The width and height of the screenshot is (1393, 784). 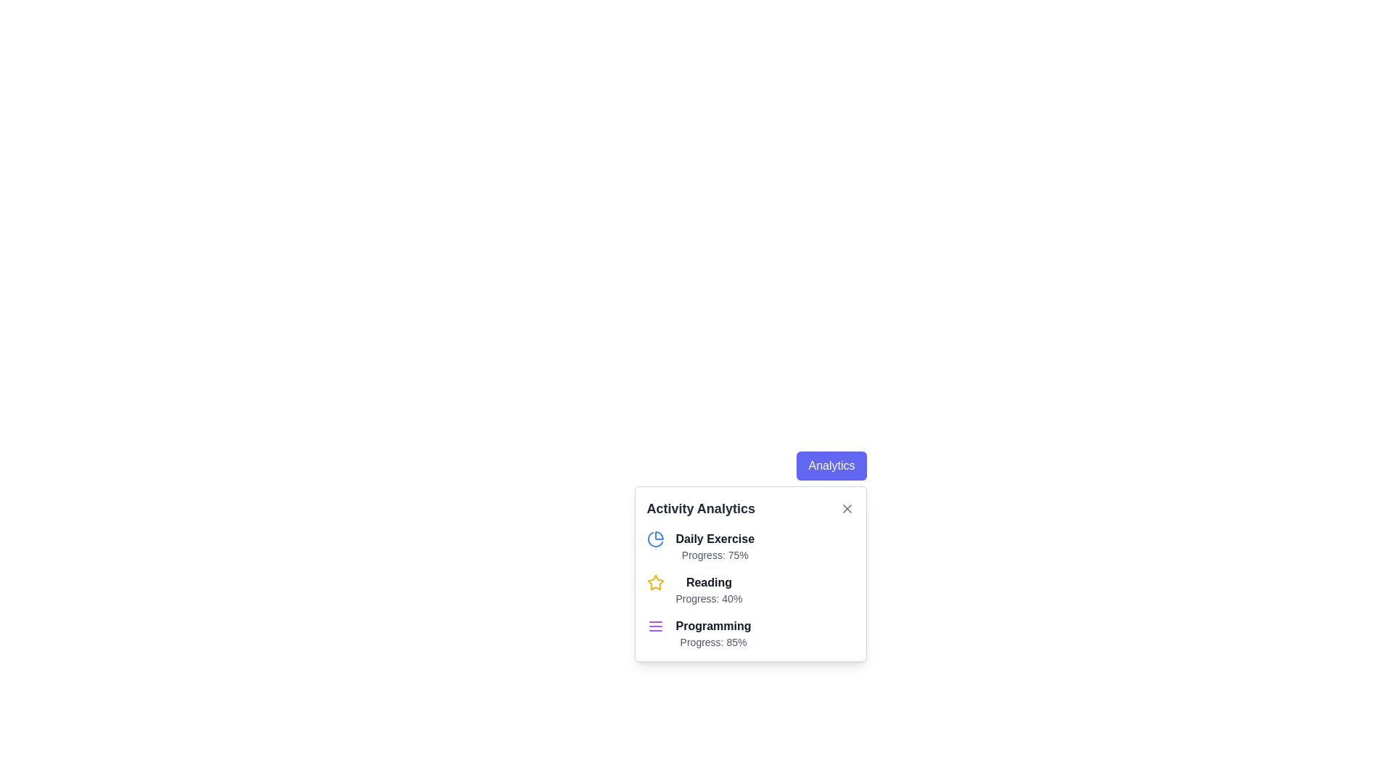 What do you see at coordinates (847, 508) in the screenshot?
I see `the circular button with an 'X' icon located to the right of the 'Activity Analytics' heading to trigger the hover effects` at bounding box center [847, 508].